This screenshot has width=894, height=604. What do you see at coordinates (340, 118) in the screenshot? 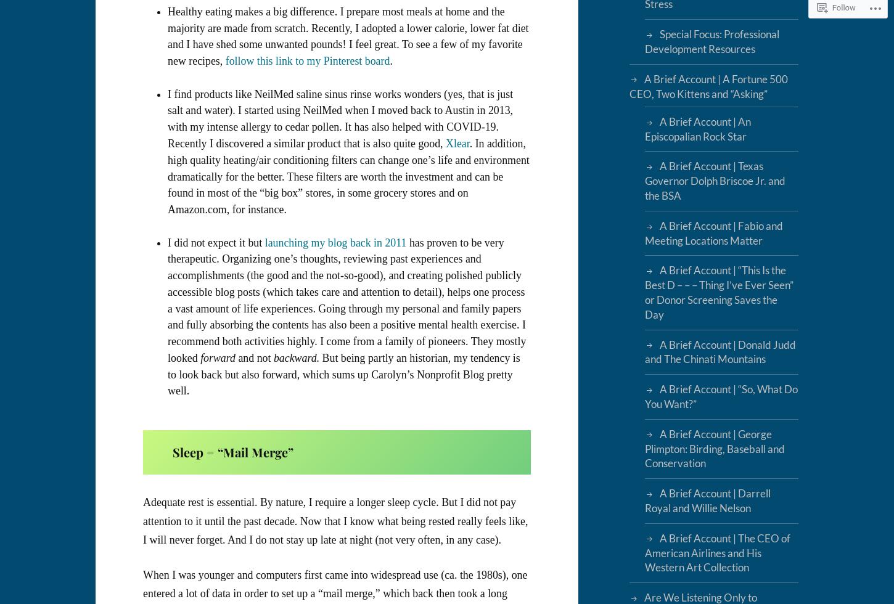
I see `'I find products like NeilMed saline sinus rinse works wonders (yes, that is just salt and water). I started using NeilMed when I moved back to Austin in 2013, with my intense allergy to cedar pollen. It has also helped with COVID-19. Recently I discovered a similar product that is also quite good,'` at bounding box center [340, 118].